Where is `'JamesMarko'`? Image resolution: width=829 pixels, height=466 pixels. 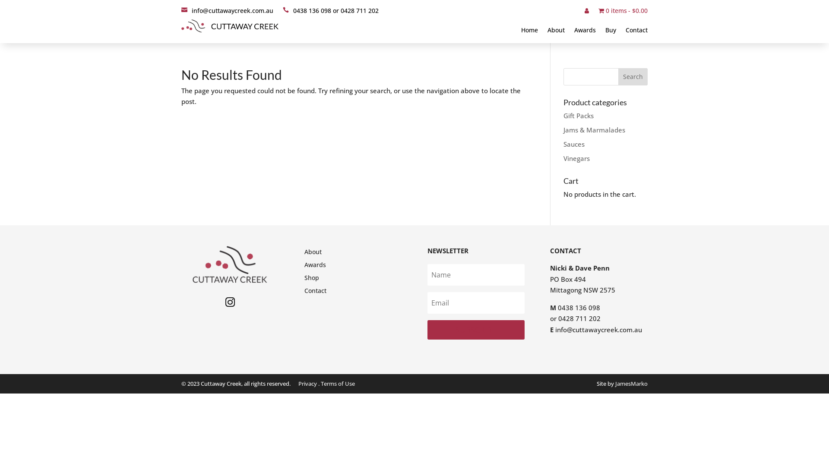 'JamesMarko' is located at coordinates (615, 383).